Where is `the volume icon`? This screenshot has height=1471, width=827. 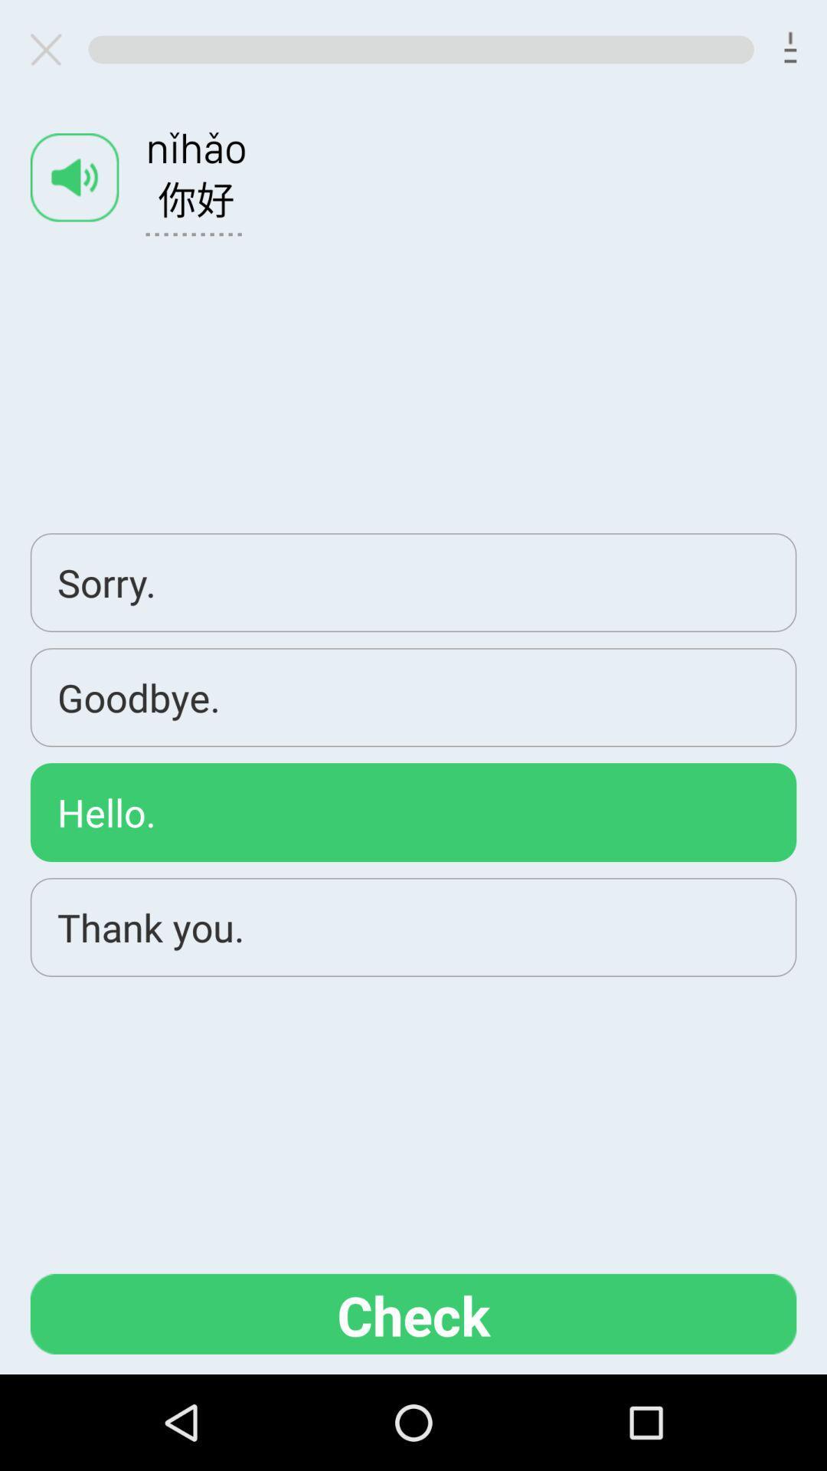 the volume icon is located at coordinates (74, 189).